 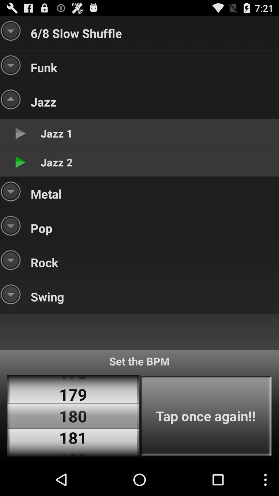 I want to click on the tap tempo item, so click(x=205, y=416).